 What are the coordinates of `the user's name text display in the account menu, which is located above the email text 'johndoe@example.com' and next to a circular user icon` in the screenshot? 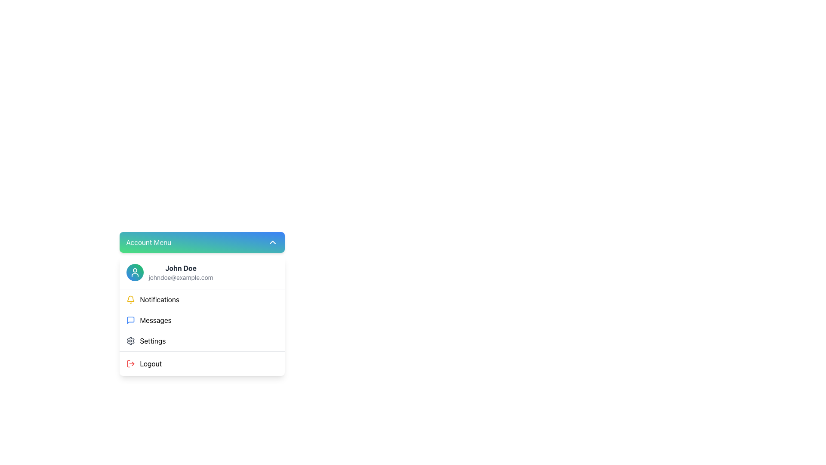 It's located at (180, 268).